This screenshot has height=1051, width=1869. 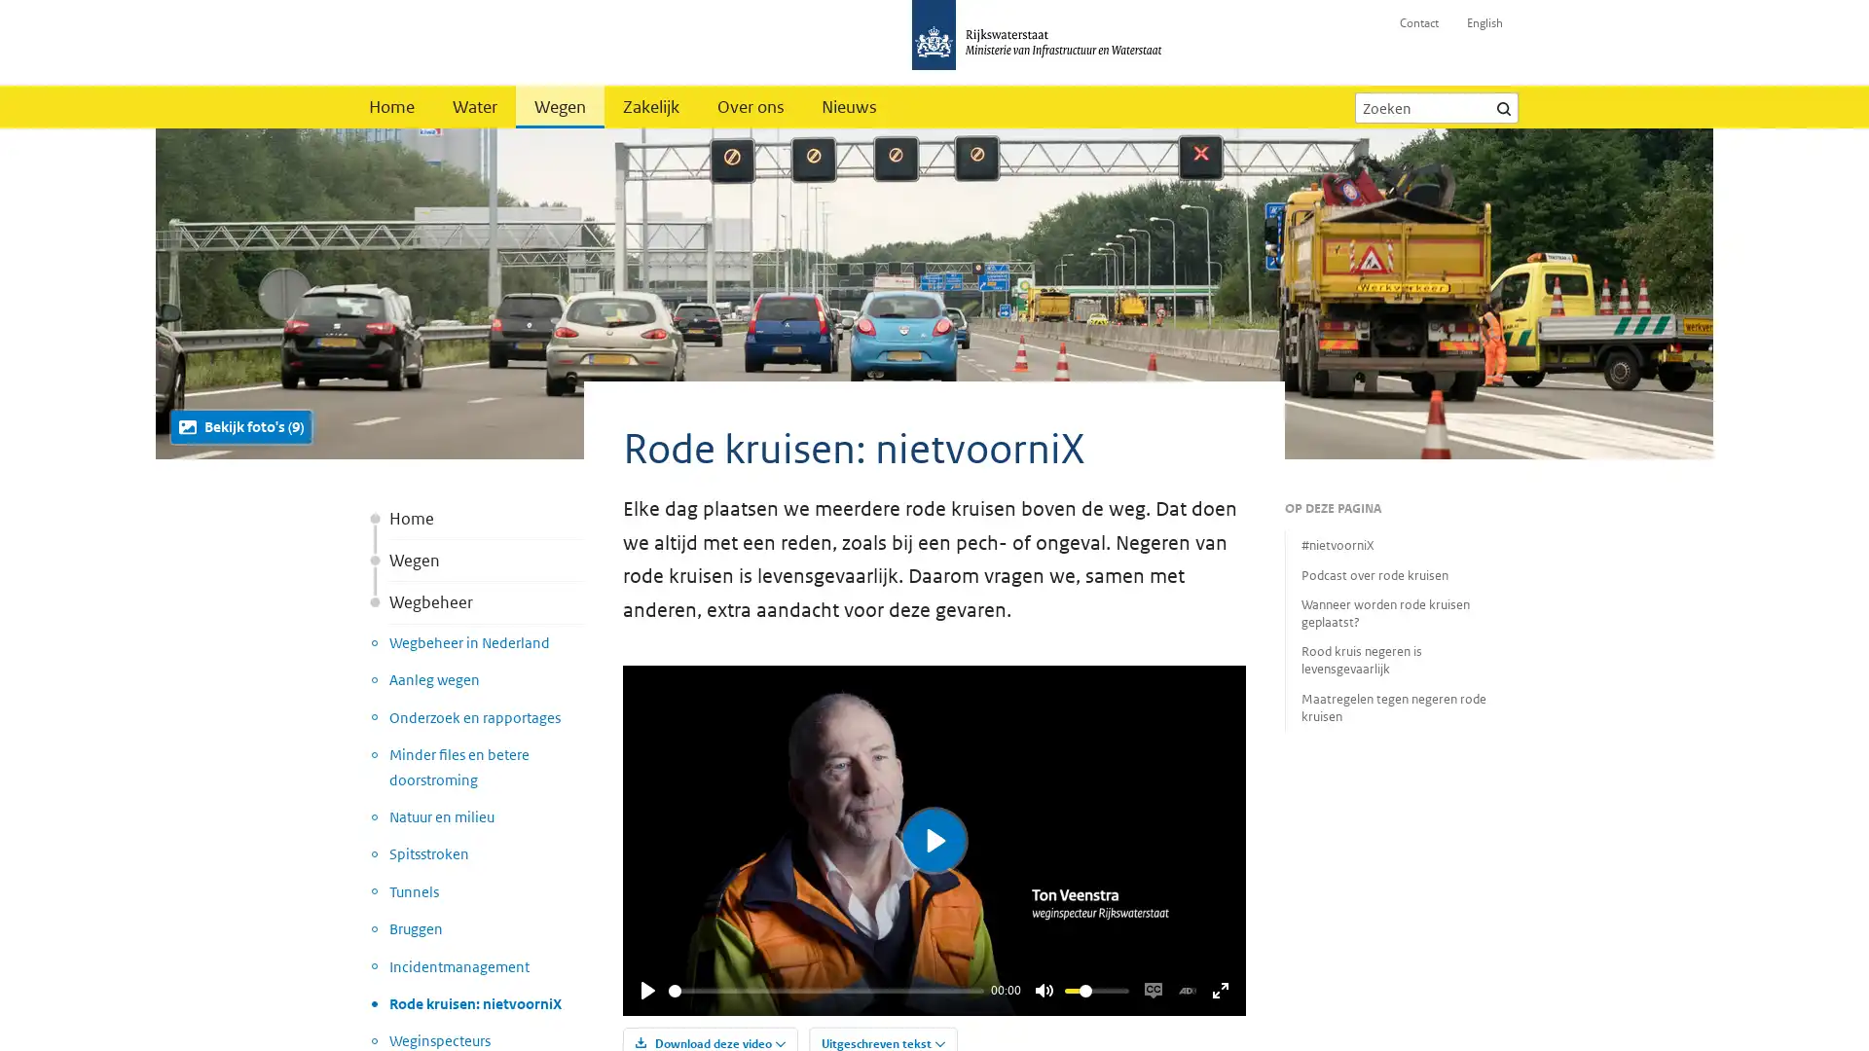 What do you see at coordinates (648, 991) in the screenshot?
I see `Afspelen` at bounding box center [648, 991].